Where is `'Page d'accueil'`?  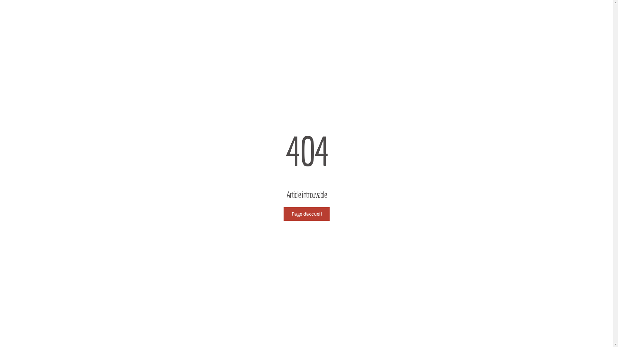 'Page d'accueil' is located at coordinates (306, 214).